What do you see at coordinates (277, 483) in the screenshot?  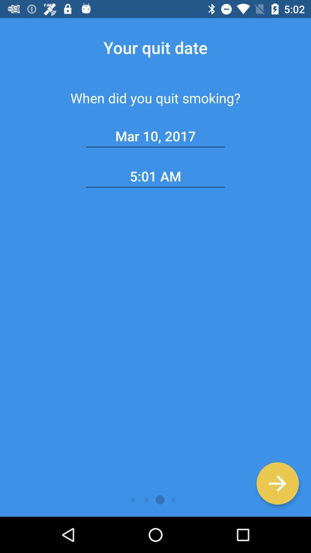 I see `the arrow_forward icon` at bounding box center [277, 483].